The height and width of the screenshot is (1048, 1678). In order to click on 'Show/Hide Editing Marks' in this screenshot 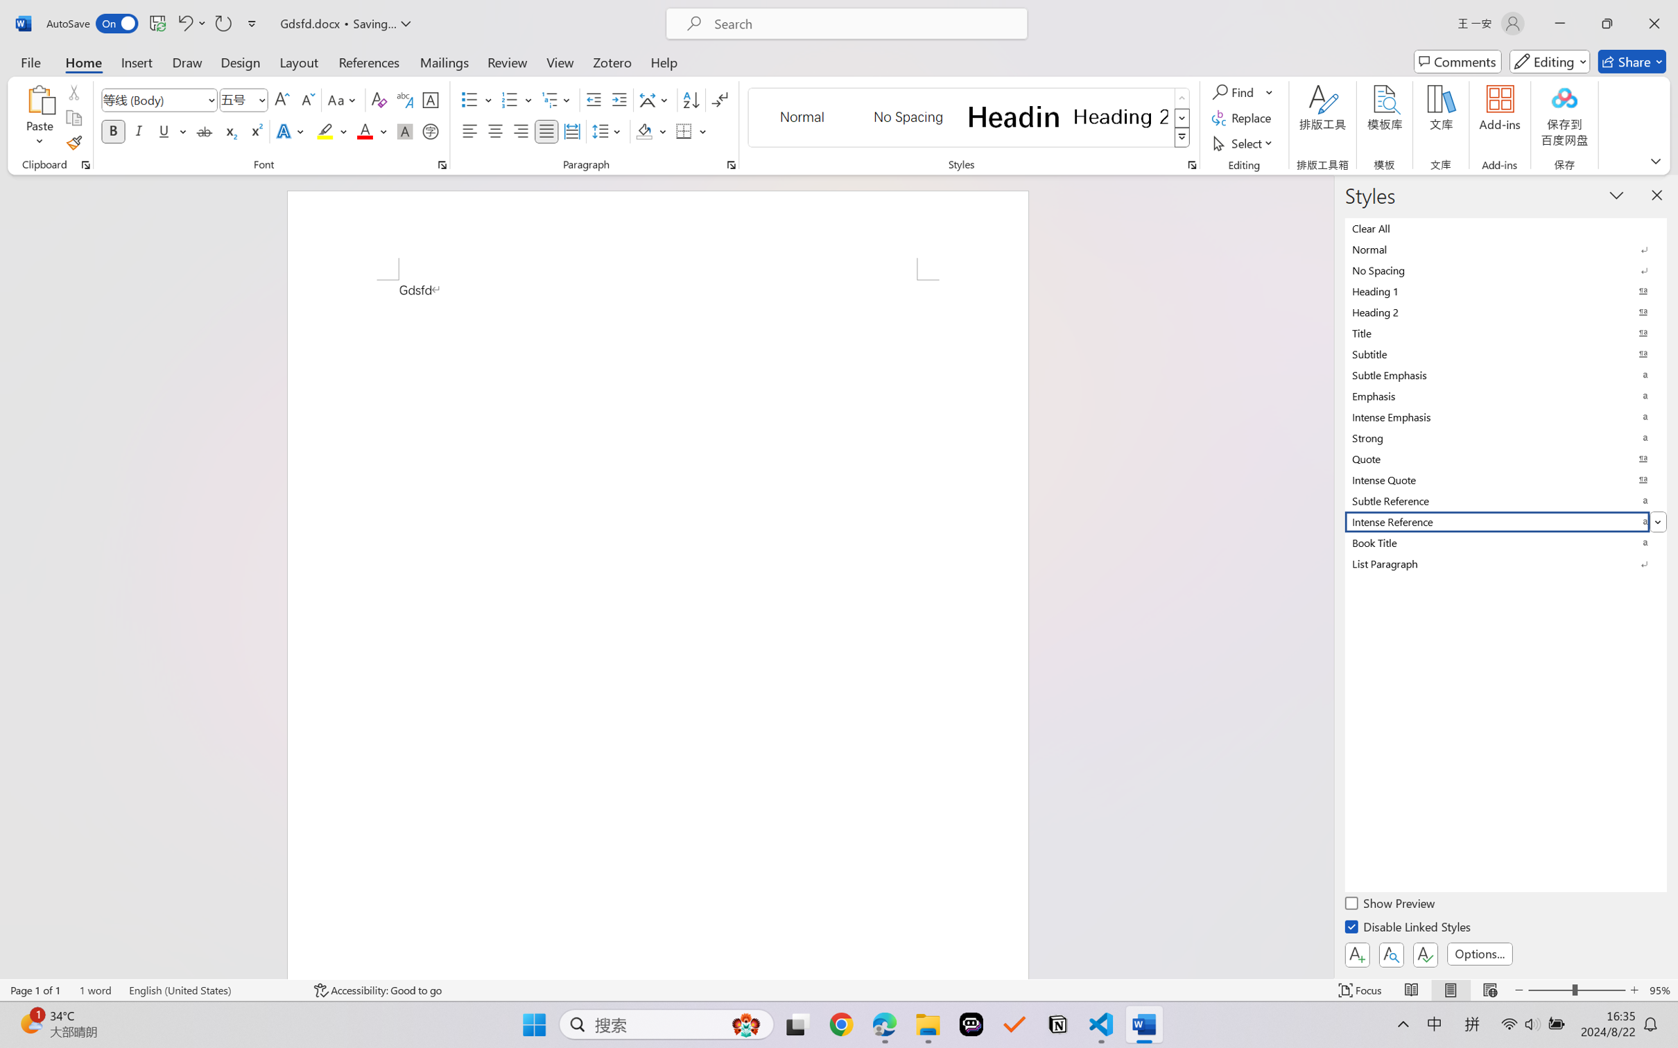, I will do `click(719, 100)`.